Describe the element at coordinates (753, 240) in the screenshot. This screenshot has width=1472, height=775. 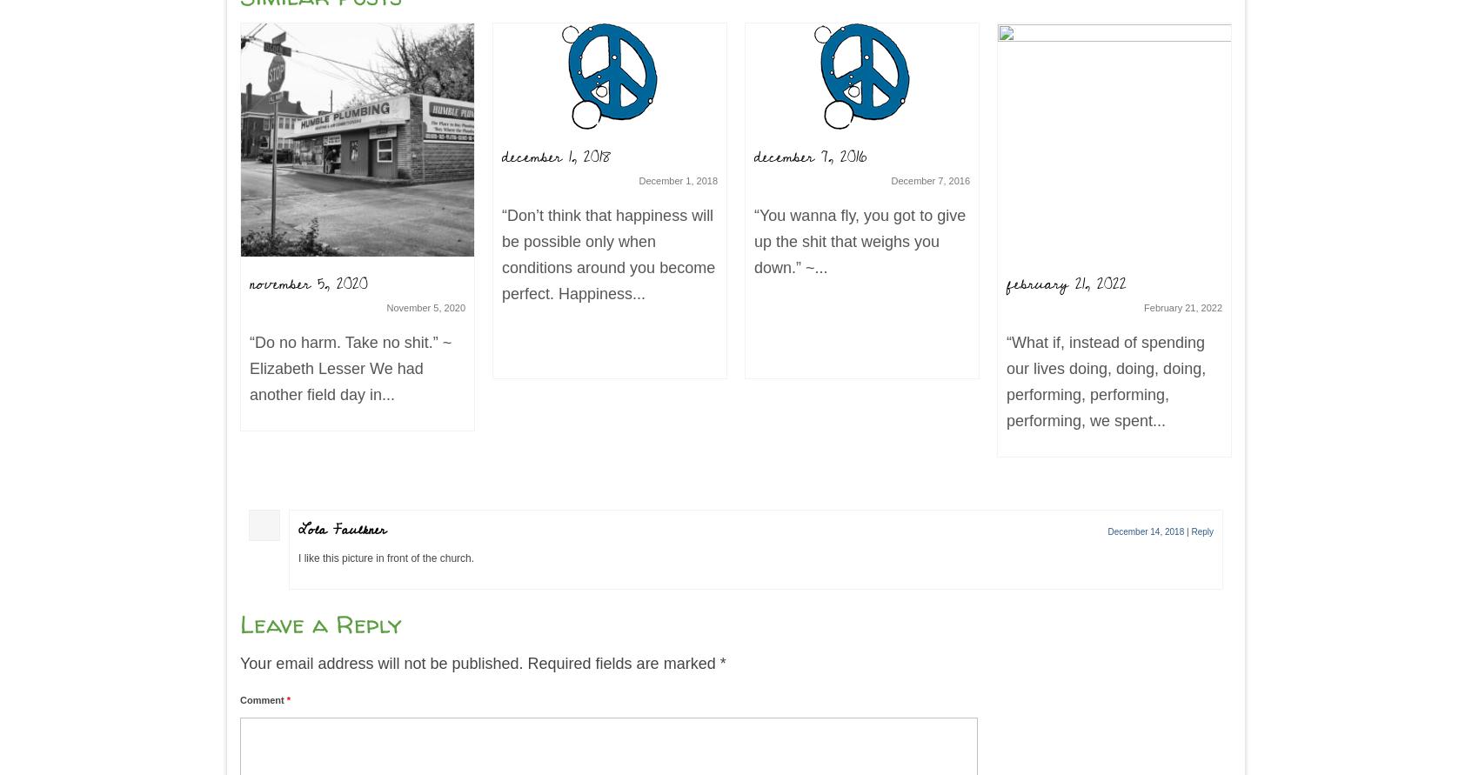
I see `'“You wanna fly, you got to give up the shit that weighs you down.” ~...'` at that location.